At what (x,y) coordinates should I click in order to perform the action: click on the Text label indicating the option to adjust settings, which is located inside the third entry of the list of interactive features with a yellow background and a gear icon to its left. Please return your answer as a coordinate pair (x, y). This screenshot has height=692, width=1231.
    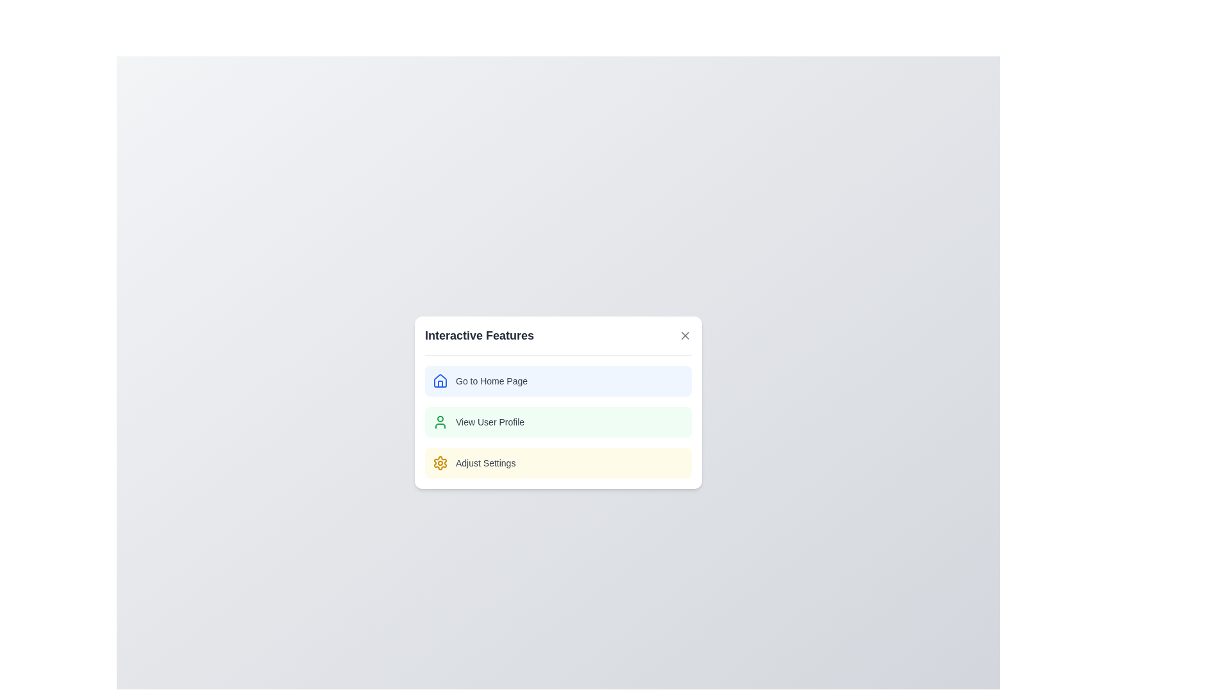
    Looking at the image, I should click on (485, 463).